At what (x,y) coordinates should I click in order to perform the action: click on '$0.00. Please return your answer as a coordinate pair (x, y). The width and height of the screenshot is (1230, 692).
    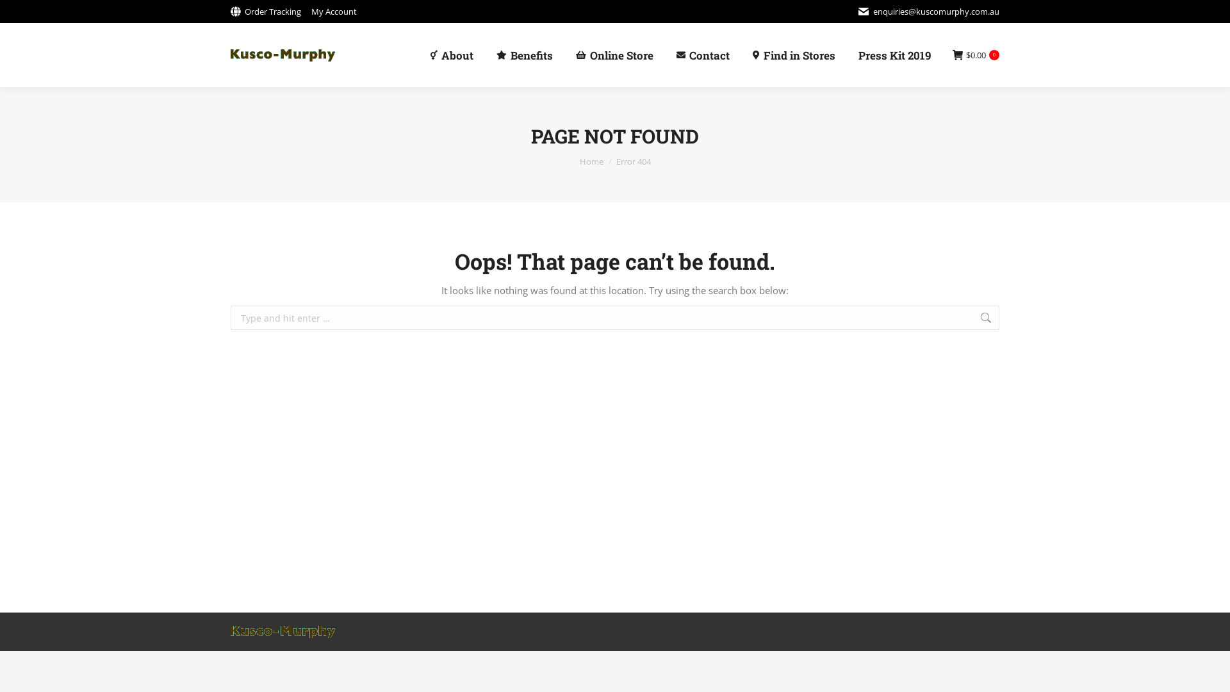
    Looking at the image, I should click on (975, 54).